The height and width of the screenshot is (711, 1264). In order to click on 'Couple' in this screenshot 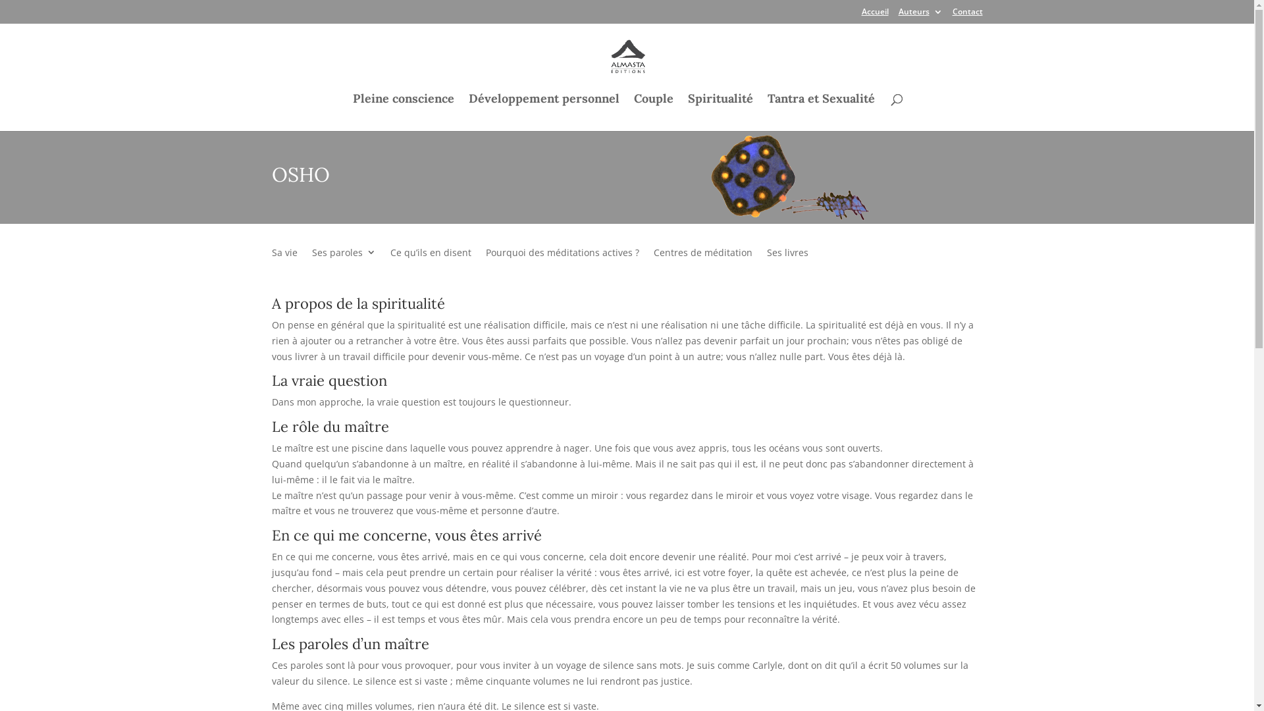, I will do `click(654, 109)`.